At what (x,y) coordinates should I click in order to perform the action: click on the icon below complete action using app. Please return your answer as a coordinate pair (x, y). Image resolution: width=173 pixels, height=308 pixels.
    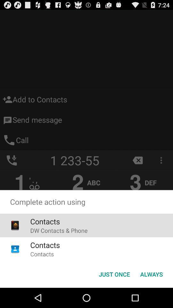
    Looking at the image, I should click on (114, 274).